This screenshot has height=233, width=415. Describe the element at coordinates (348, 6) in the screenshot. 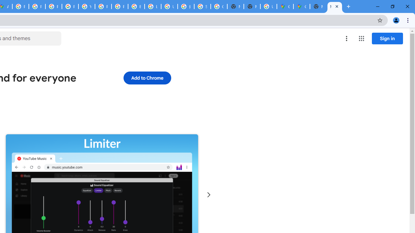

I see `'New Tab'` at that location.